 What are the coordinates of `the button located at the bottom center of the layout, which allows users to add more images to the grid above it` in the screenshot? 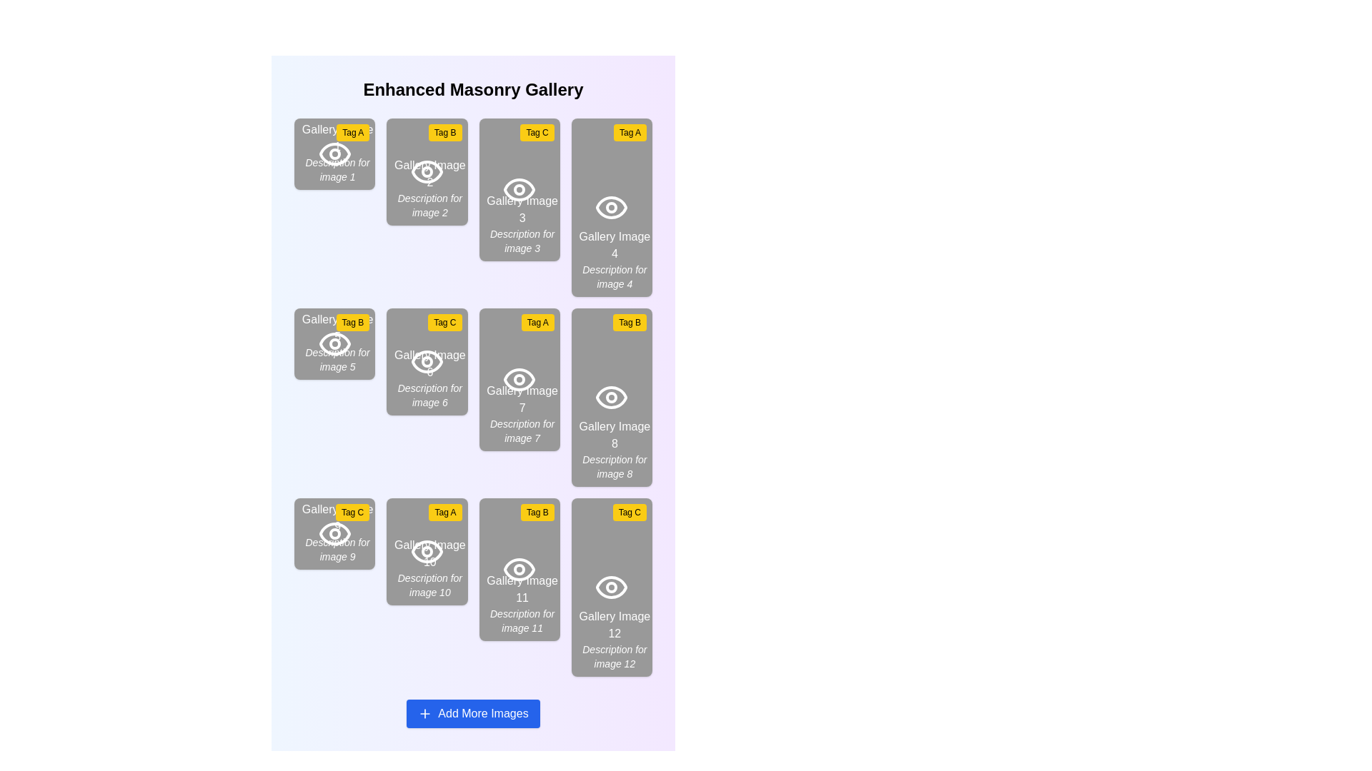 It's located at (473, 713).